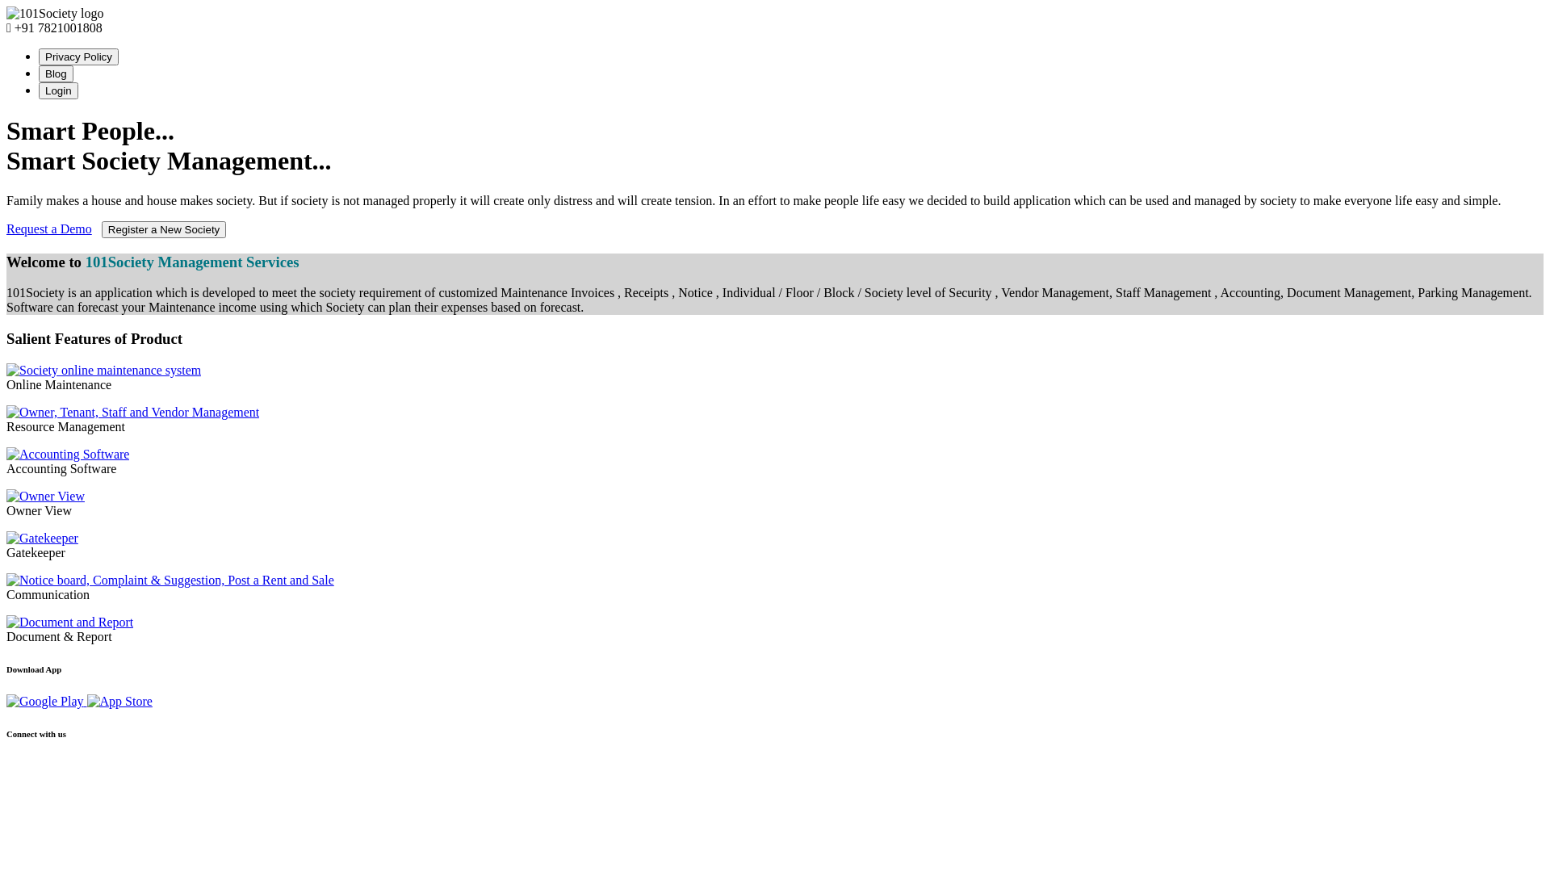  What do you see at coordinates (164, 229) in the screenshot?
I see `'Register a New Society'` at bounding box center [164, 229].